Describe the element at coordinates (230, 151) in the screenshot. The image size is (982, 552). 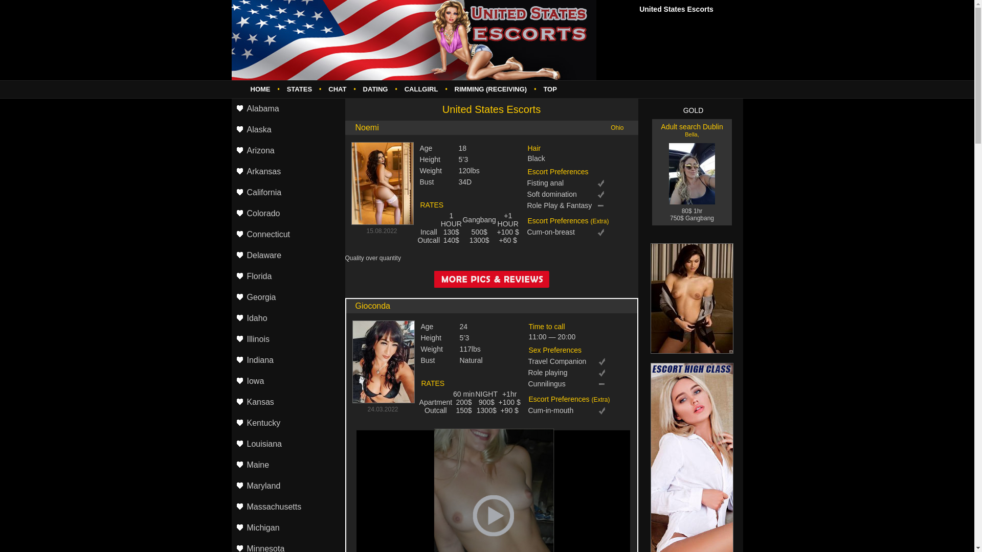
I see `'Arizona'` at that location.